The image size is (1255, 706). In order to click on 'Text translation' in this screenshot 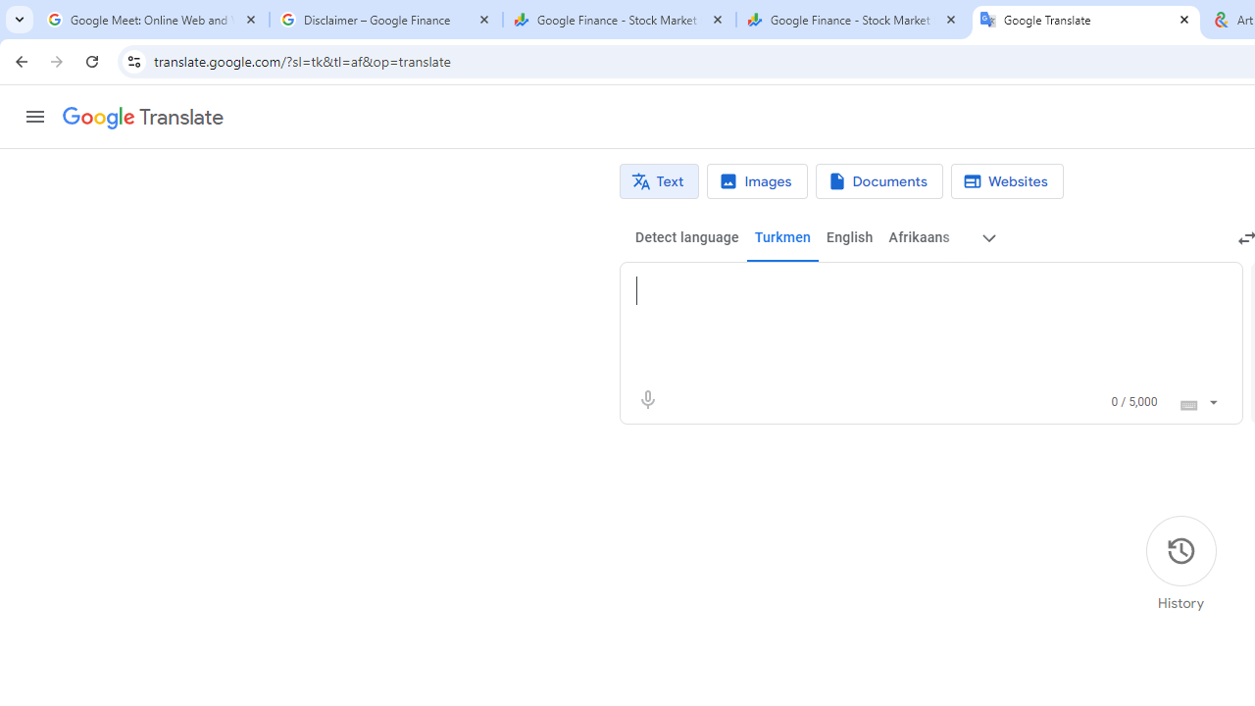, I will do `click(659, 181)`.